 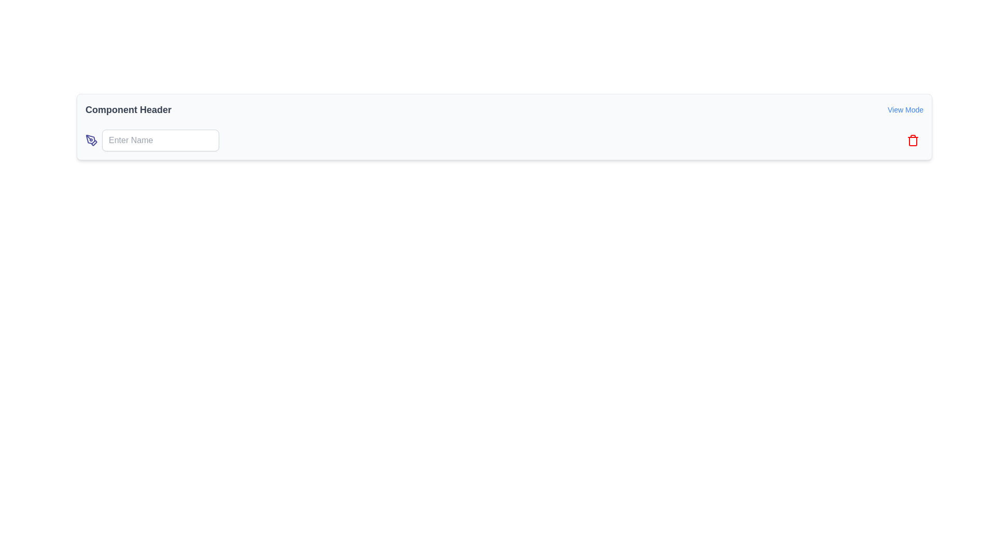 What do you see at coordinates (913, 140) in the screenshot?
I see `the trash icon button located in the upper-right corner of the main content area, adjacent to the 'View Mode' text link` at bounding box center [913, 140].